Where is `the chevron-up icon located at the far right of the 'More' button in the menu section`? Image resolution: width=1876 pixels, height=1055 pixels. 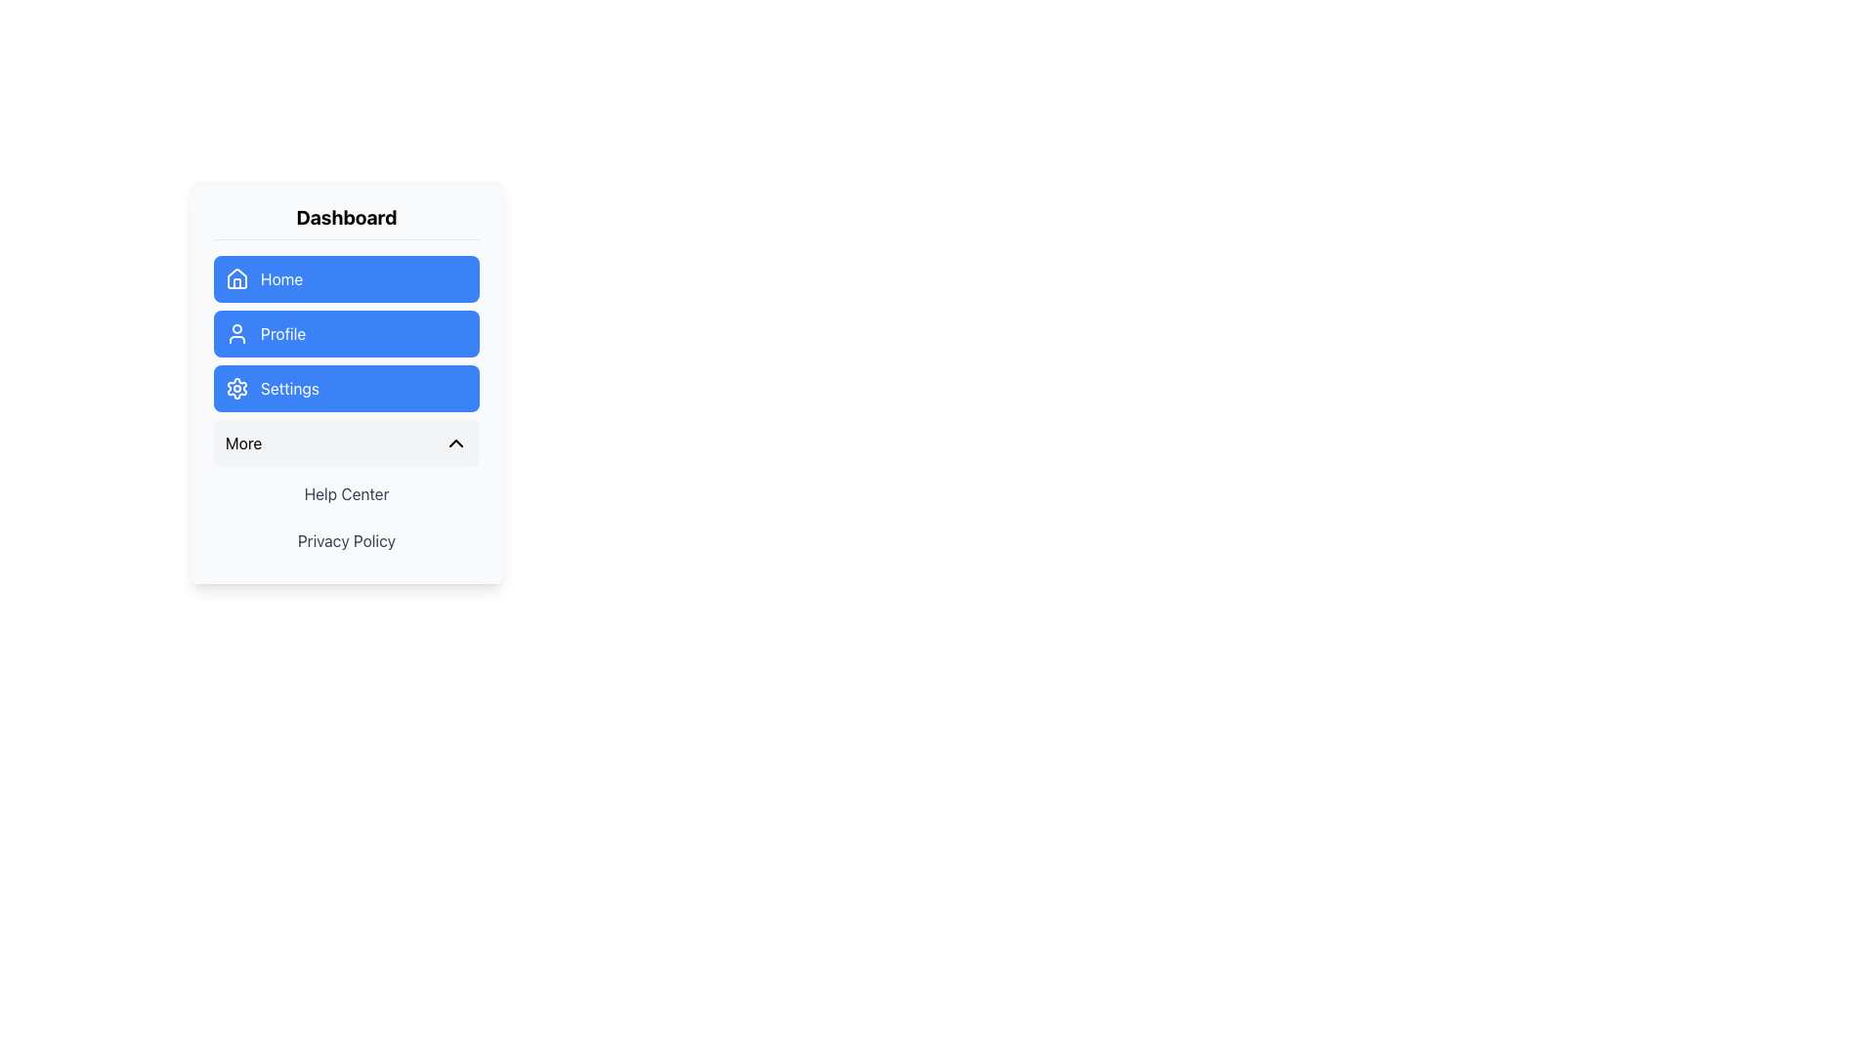
the chevron-up icon located at the far right of the 'More' button in the menu section is located at coordinates (454, 443).